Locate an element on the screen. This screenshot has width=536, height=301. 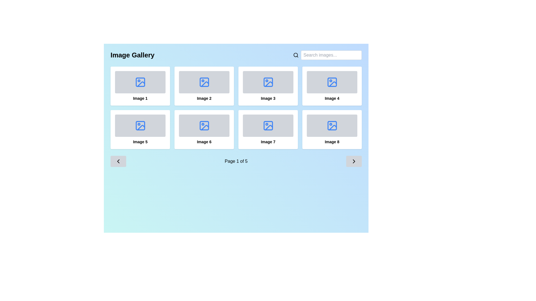
the text label located at the bottom-center of the card corresponding to 'Image 5', which helps users identify the content of the card is located at coordinates (140, 142).